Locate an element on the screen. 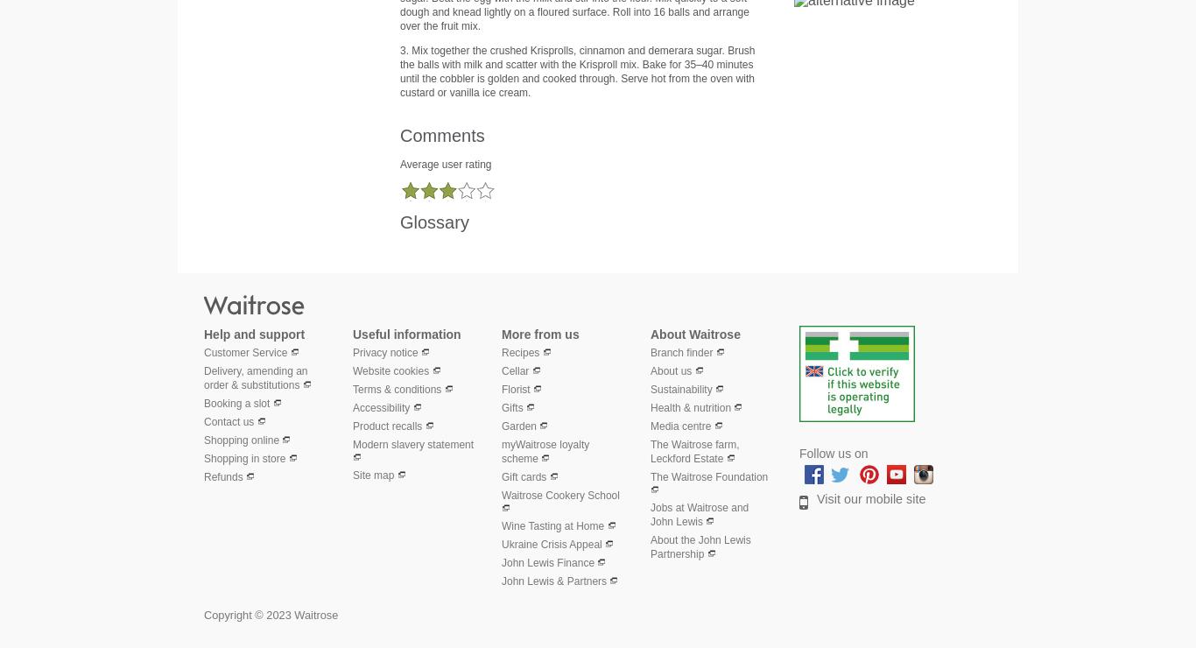 The height and width of the screenshot is (648, 1196). 'Booking a slot' is located at coordinates (236, 401).